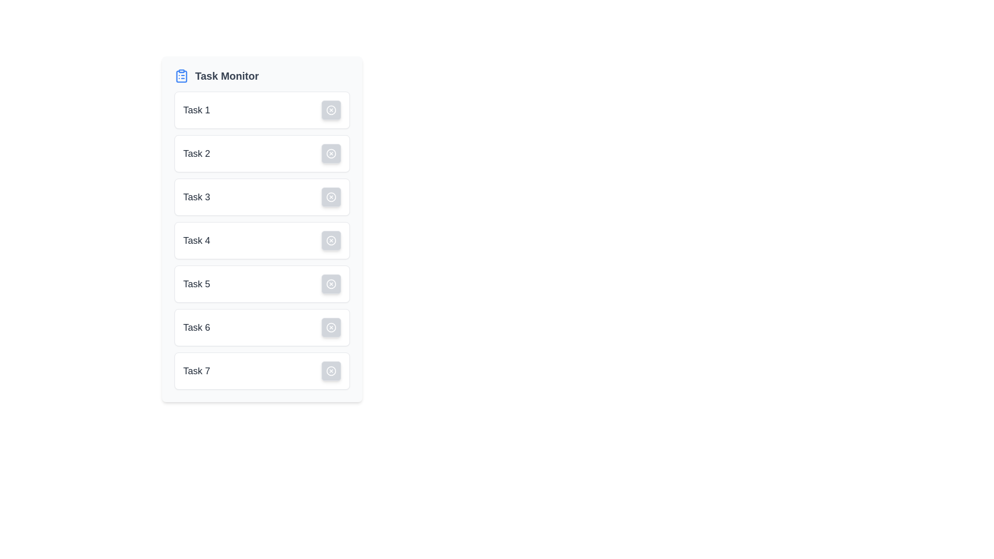 The height and width of the screenshot is (559, 994). What do you see at coordinates (262, 154) in the screenshot?
I see `the second task entry in the task manager interface` at bounding box center [262, 154].